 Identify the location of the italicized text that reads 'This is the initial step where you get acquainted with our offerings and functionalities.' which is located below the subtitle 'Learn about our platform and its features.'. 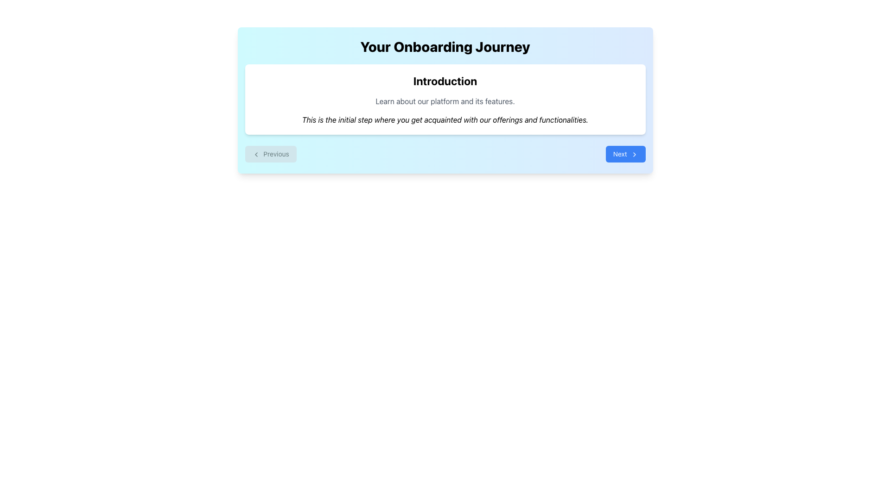
(445, 119).